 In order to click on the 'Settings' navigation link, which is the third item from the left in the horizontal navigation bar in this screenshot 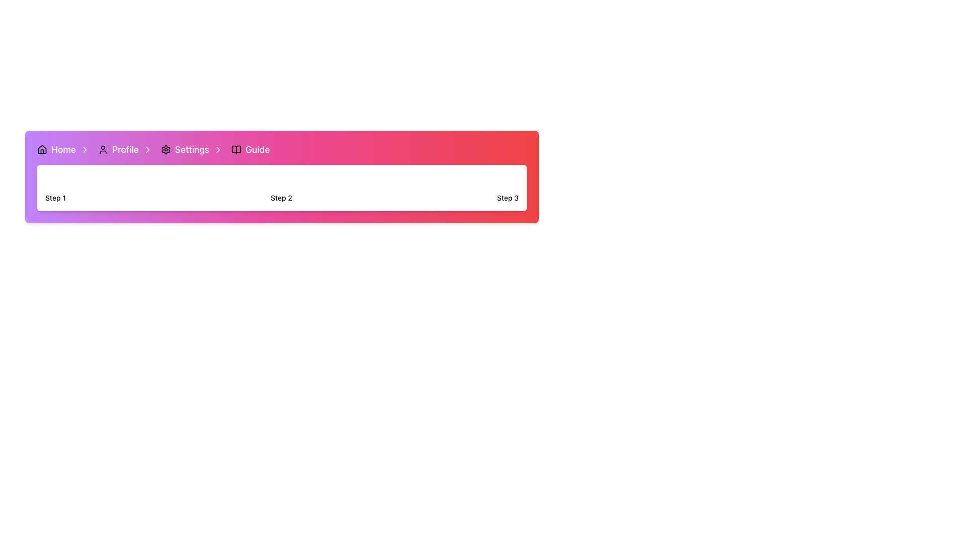, I will do `click(192, 149)`.